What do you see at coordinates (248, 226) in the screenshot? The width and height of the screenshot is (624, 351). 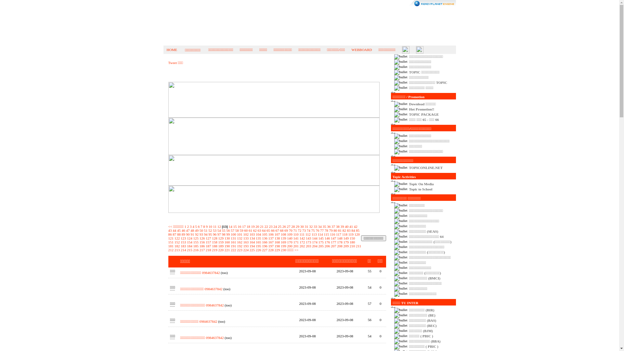 I see `'18'` at bounding box center [248, 226].